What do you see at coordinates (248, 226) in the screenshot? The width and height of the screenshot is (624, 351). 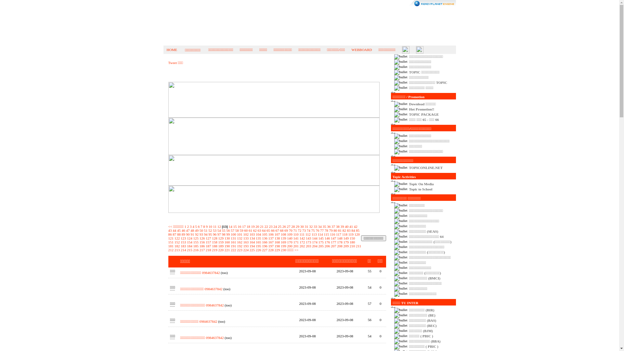 I see `'18'` at bounding box center [248, 226].